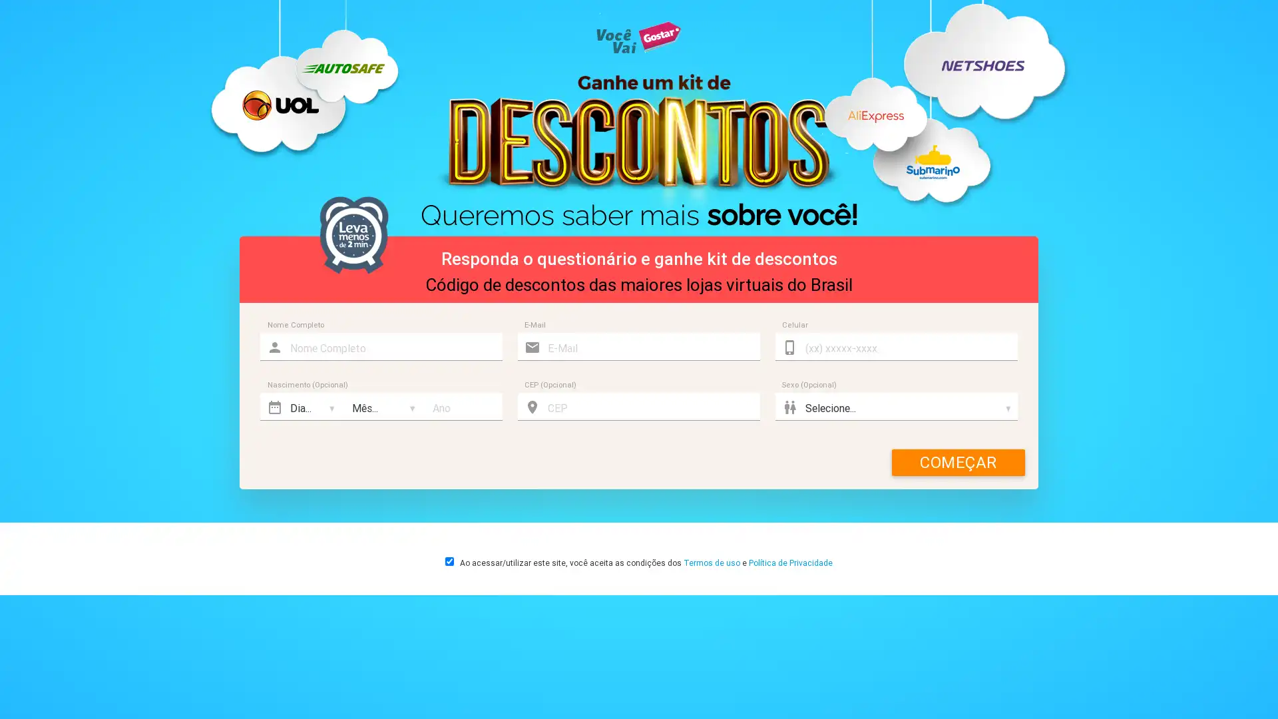  Describe the element at coordinates (958, 461) in the screenshot. I see `COMECAR` at that location.